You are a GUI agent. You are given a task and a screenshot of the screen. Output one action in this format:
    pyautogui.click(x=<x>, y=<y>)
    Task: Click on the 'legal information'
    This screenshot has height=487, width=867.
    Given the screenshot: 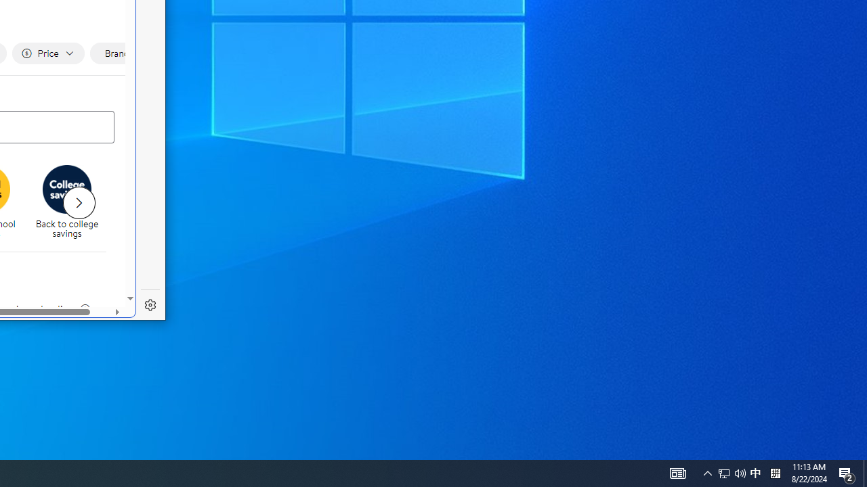 What is the action you would take?
    pyautogui.click(x=84, y=309)
    